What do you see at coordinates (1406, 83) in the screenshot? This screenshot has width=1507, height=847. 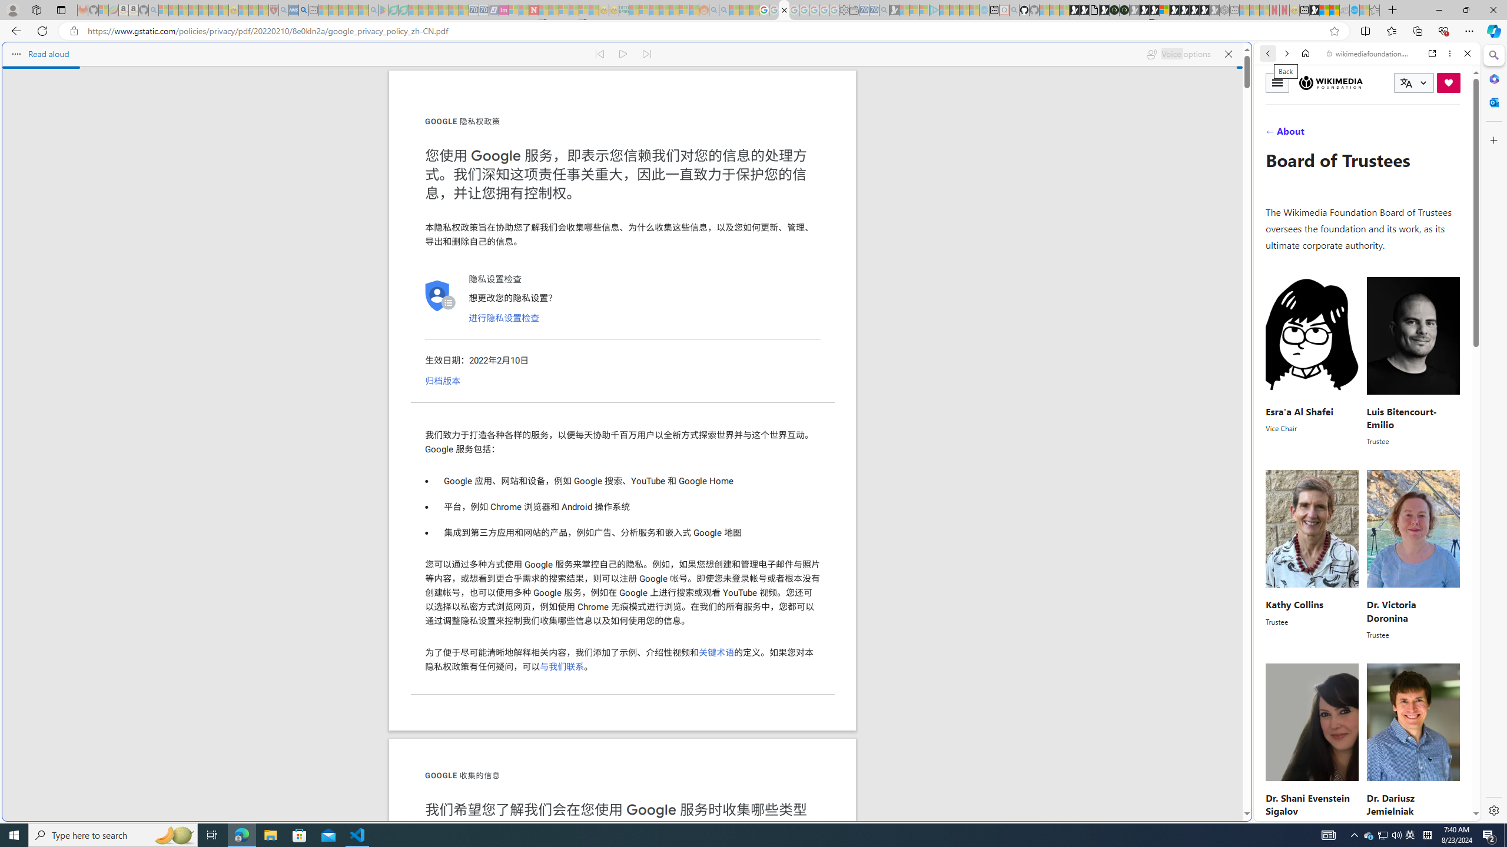 I see `'Class: i icon icon-translate language-switcher__icon'` at bounding box center [1406, 83].